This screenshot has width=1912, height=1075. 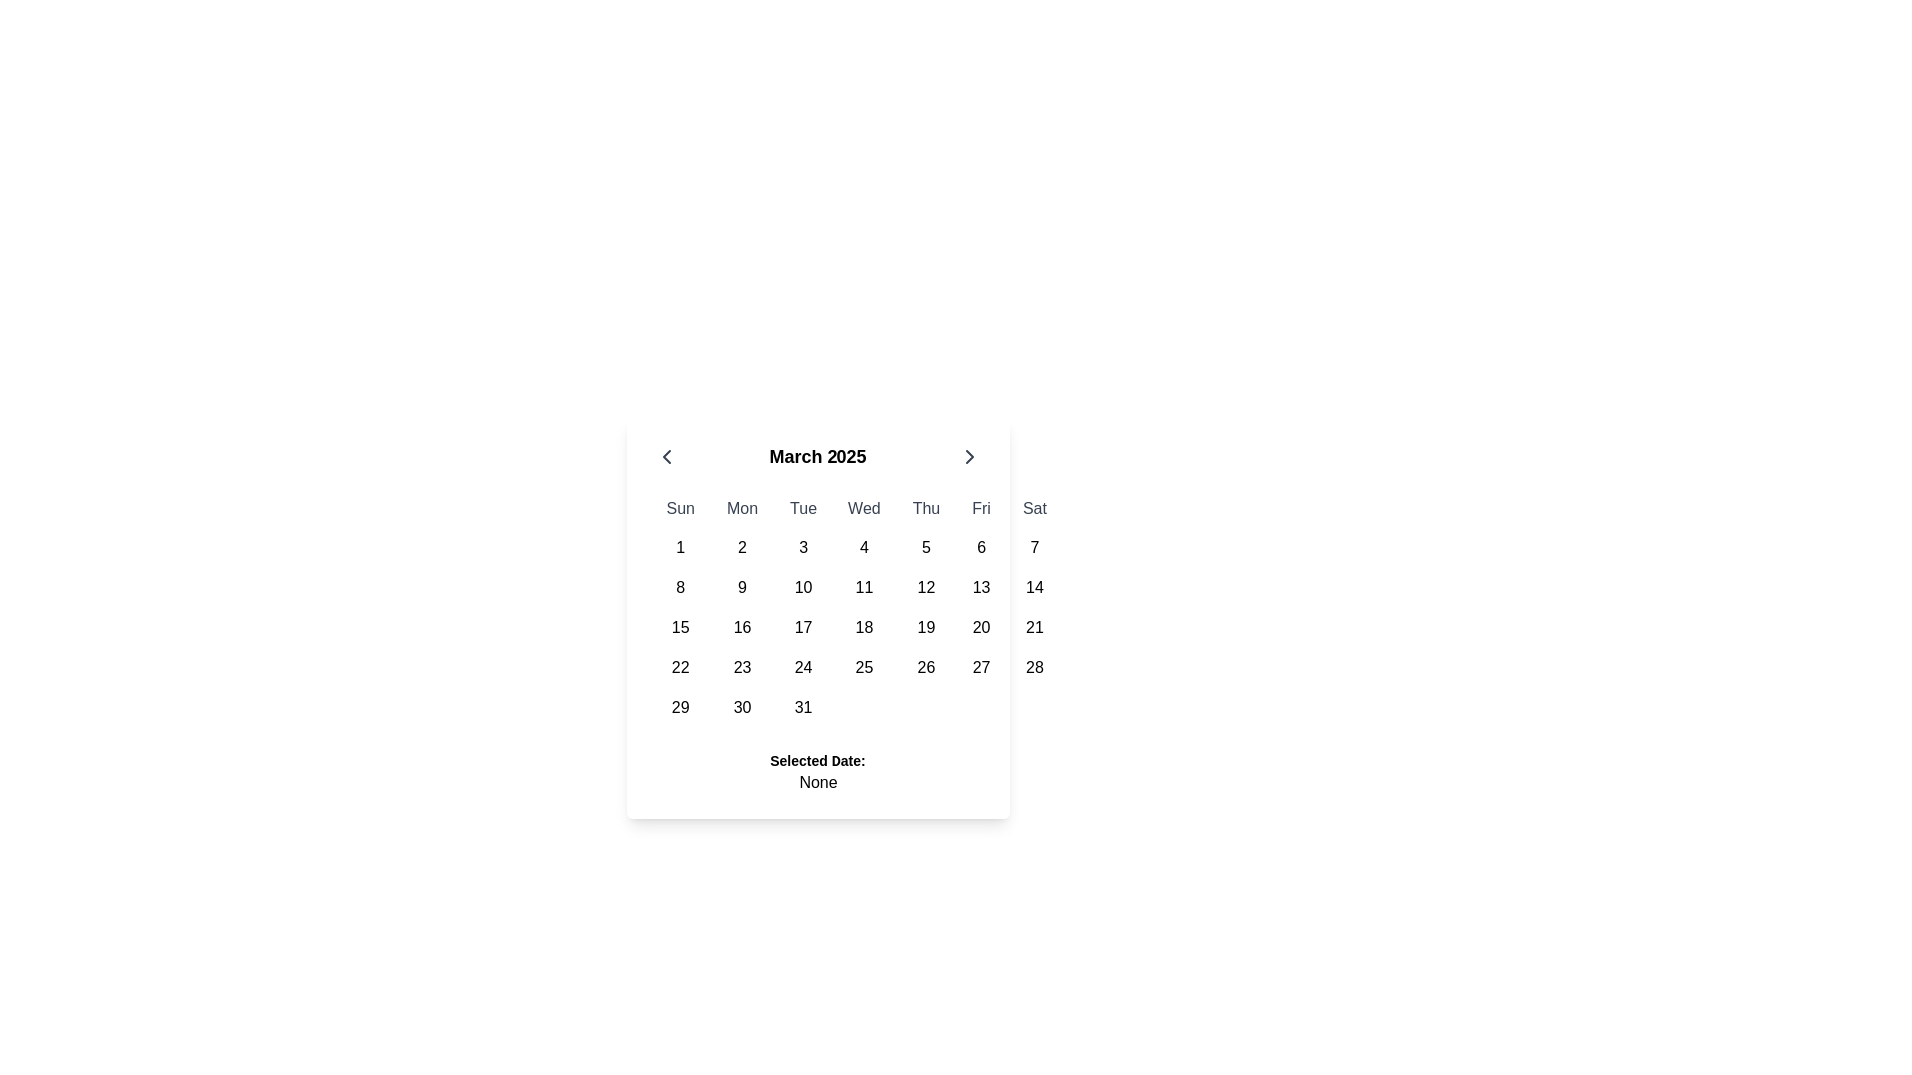 What do you see at coordinates (803, 628) in the screenshot?
I see `the date button for the 17th in the calendar interface` at bounding box center [803, 628].